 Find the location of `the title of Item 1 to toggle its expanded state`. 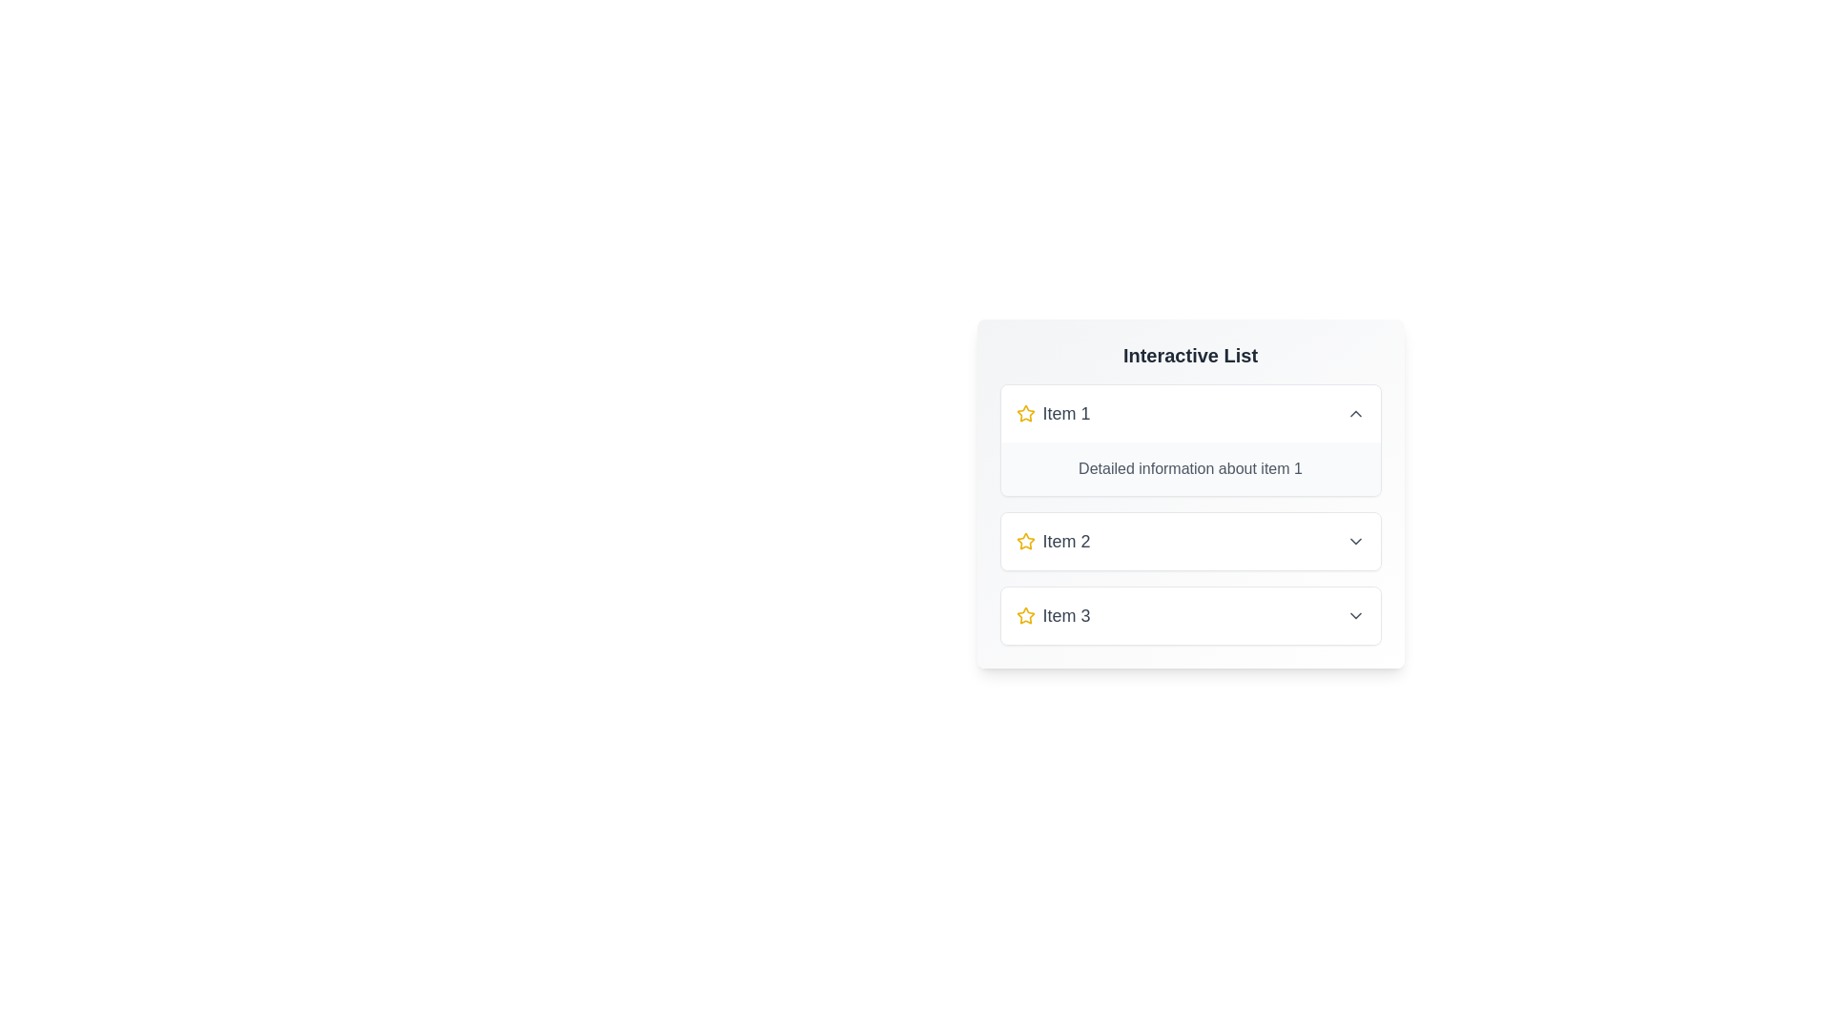

the title of Item 1 to toggle its expanded state is located at coordinates (1189, 413).